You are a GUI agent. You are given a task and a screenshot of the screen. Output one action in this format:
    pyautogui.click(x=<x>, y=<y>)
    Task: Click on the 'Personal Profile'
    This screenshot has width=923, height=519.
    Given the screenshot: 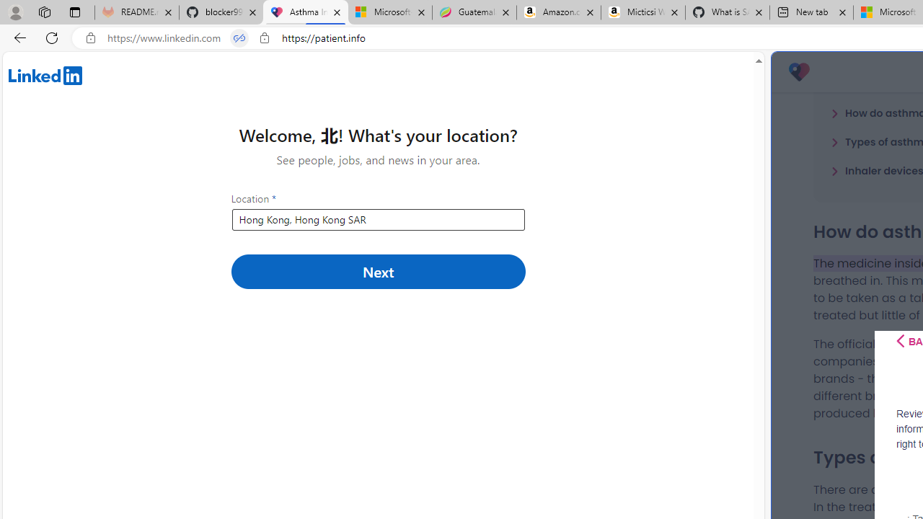 What is the action you would take?
    pyautogui.click(x=15, y=12)
    